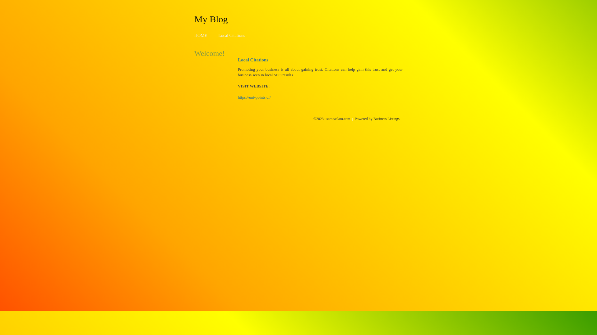  What do you see at coordinates (201, 35) in the screenshot?
I see `'HOME'` at bounding box center [201, 35].